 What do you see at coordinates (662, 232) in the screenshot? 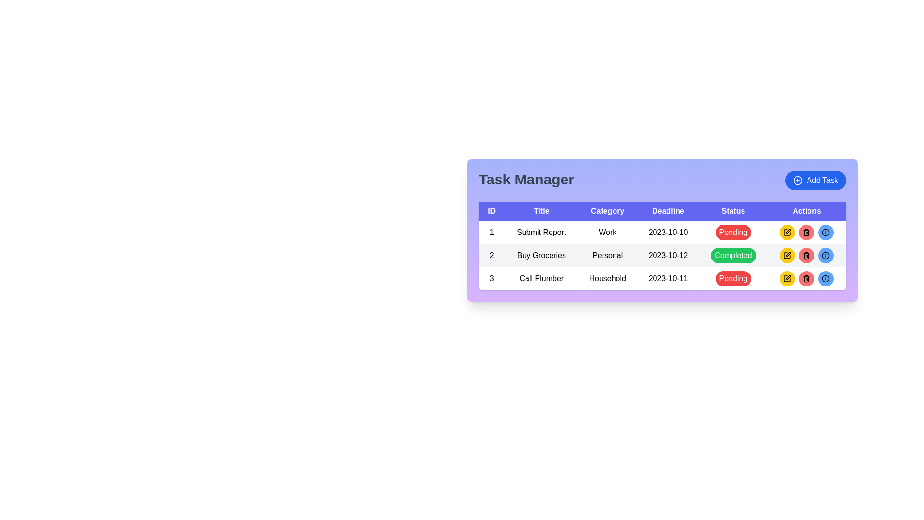
I see `the first table row displaying task details with ID '1', Title 'Submit Report', Category 'Work', Deadline '2023-10-10', and Status 'Pending'` at bounding box center [662, 232].